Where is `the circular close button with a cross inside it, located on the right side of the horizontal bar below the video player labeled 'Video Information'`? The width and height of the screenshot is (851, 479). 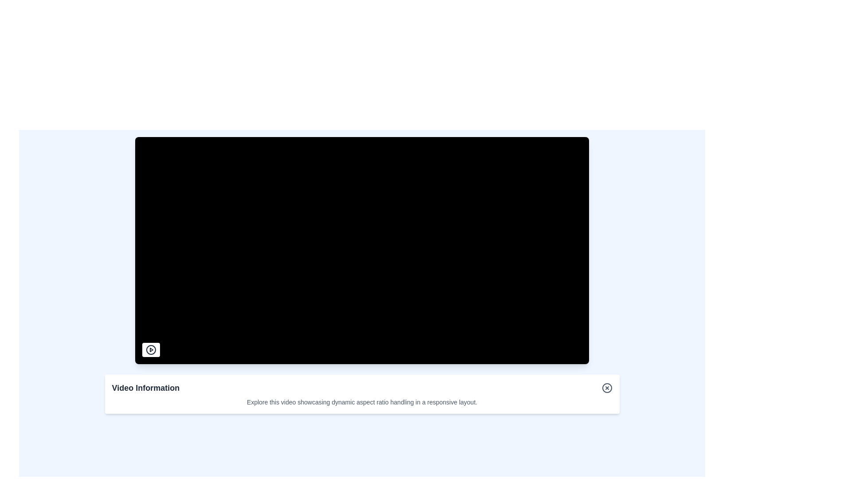 the circular close button with a cross inside it, located on the right side of the horizontal bar below the video player labeled 'Video Information' is located at coordinates (606, 388).